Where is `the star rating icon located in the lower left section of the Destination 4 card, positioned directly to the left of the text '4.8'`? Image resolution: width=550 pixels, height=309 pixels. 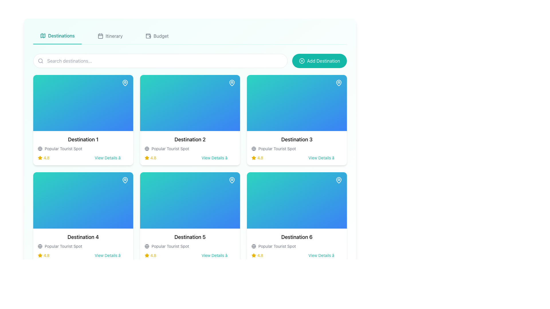 the star rating icon located in the lower left section of the Destination 4 card, positioned directly to the left of the text '4.8' is located at coordinates (40, 255).